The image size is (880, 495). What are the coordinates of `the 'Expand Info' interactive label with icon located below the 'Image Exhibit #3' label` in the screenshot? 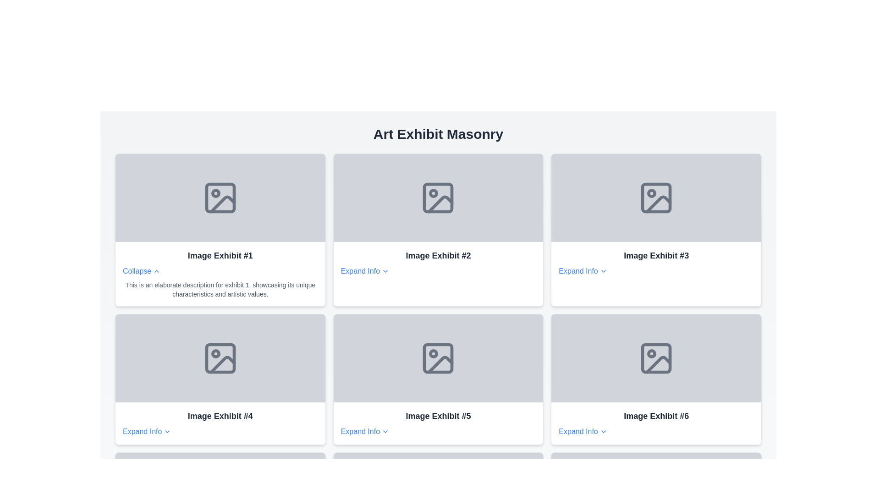 It's located at (583, 270).